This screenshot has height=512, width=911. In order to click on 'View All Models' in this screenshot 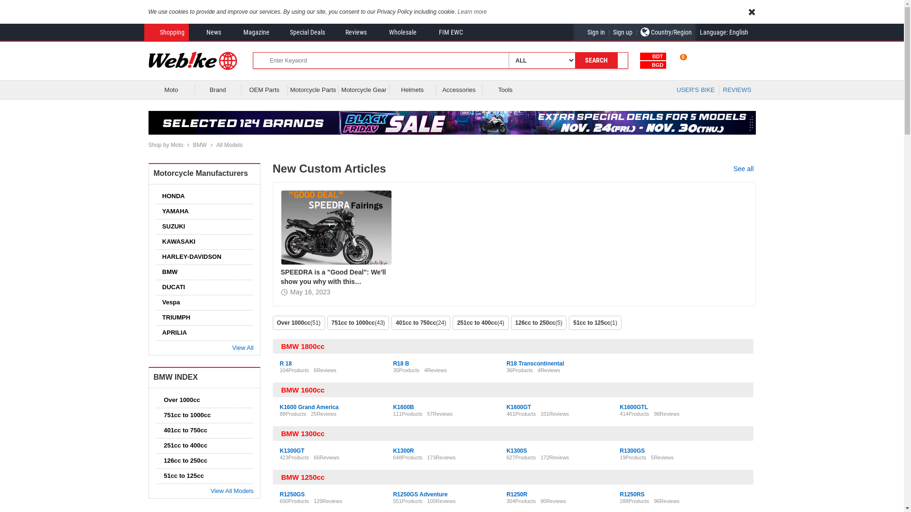, I will do `click(231, 491)`.